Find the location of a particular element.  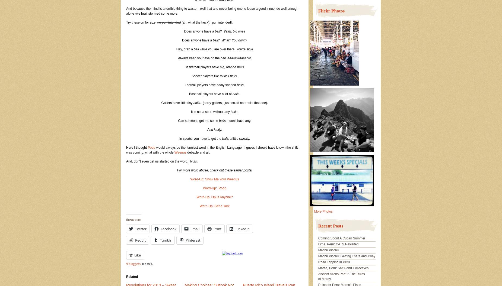

'Try these on for size,' is located at coordinates (142, 22).